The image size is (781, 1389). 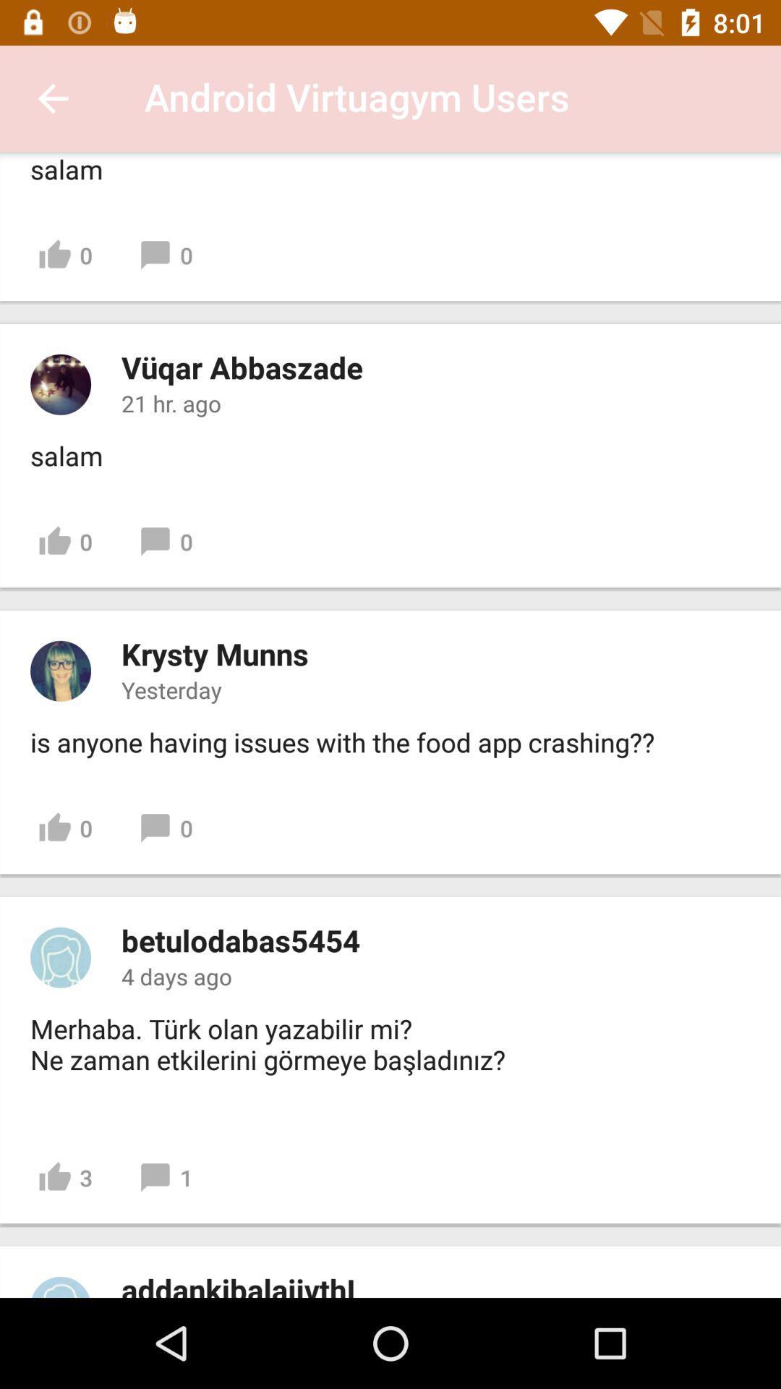 I want to click on the betulodabas5454, so click(x=239, y=940).